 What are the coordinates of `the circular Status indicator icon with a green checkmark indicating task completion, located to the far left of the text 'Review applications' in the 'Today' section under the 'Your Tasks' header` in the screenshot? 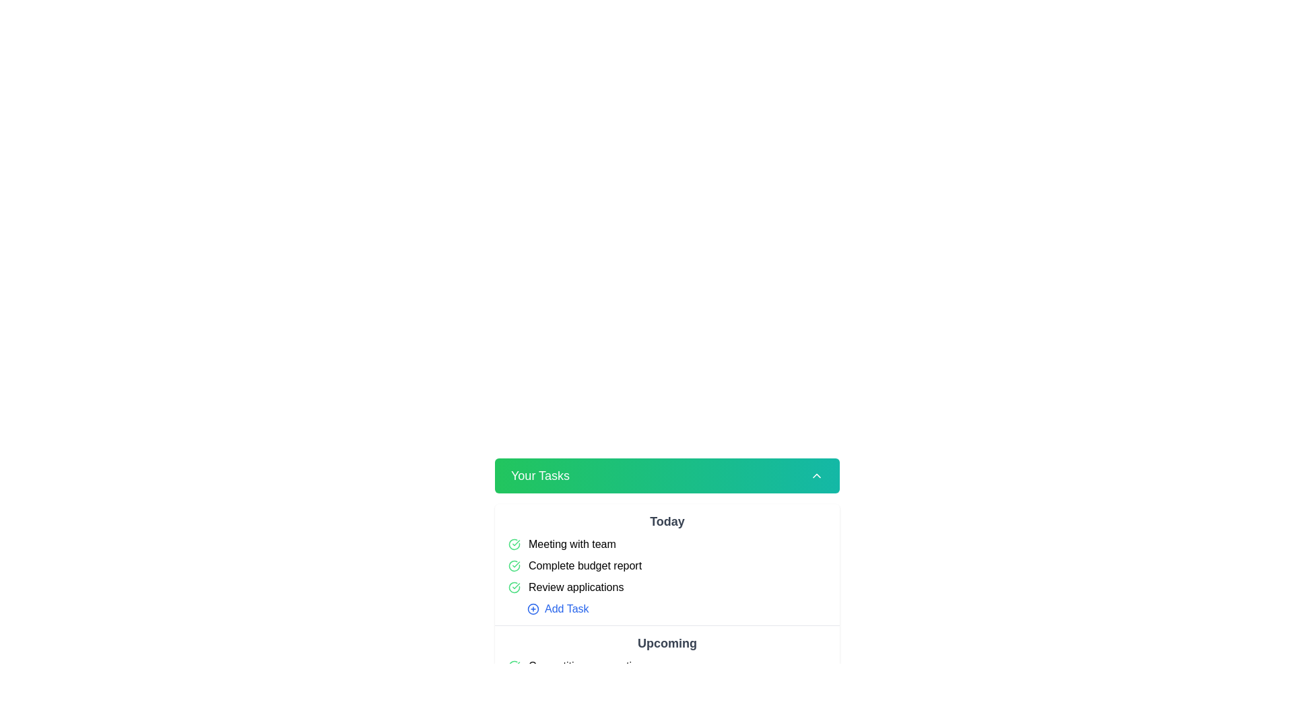 It's located at (513, 586).